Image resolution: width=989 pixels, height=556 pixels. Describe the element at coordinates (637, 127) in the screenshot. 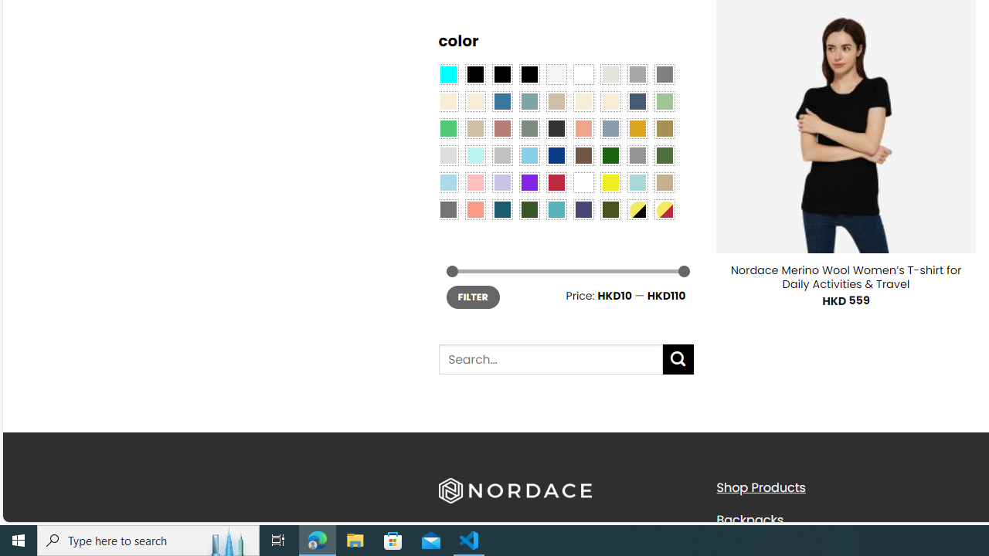

I see `'Gold'` at that location.